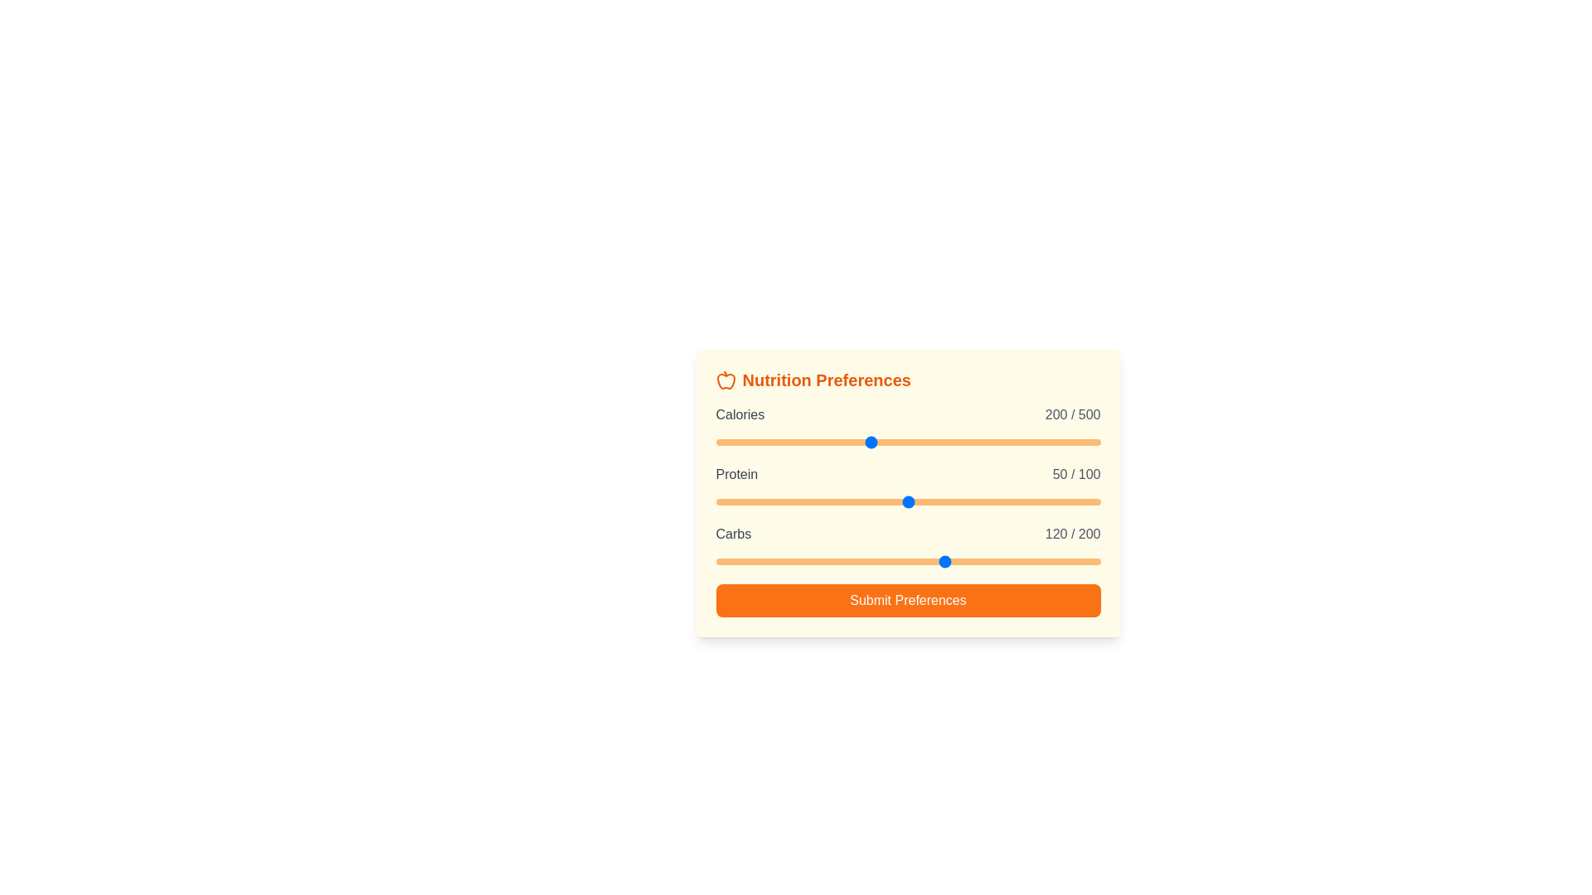  What do you see at coordinates (935, 501) in the screenshot?
I see `the protein value` at bounding box center [935, 501].